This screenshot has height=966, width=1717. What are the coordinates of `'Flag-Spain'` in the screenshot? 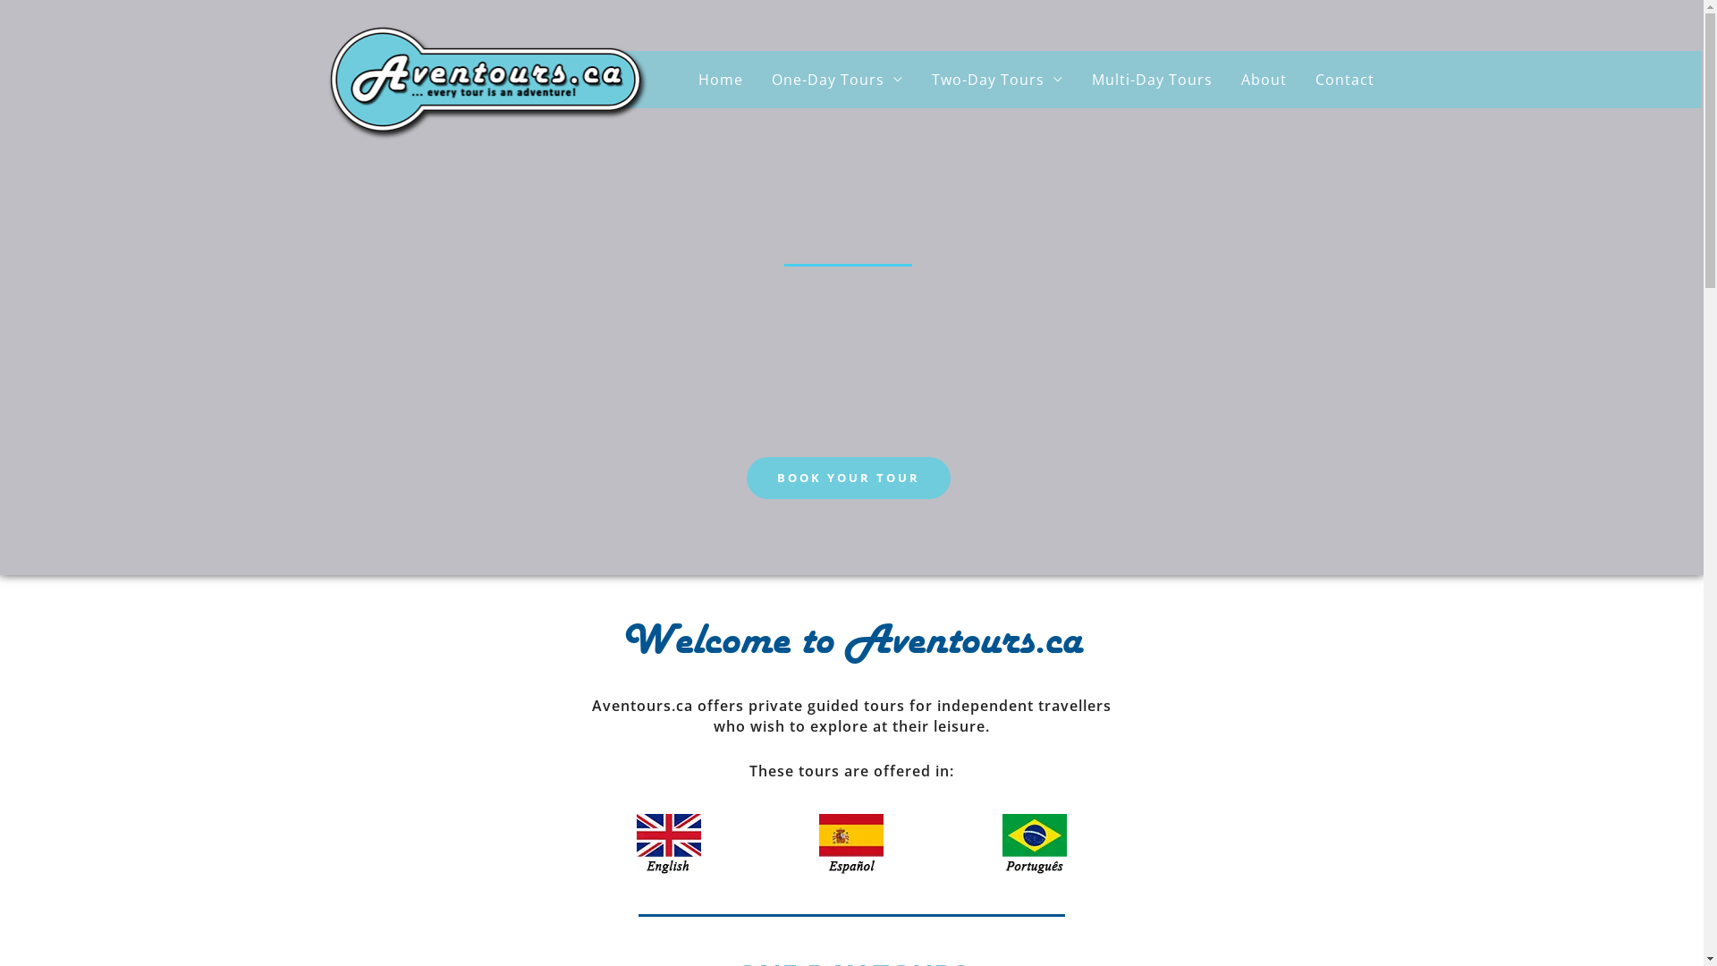 It's located at (850, 845).